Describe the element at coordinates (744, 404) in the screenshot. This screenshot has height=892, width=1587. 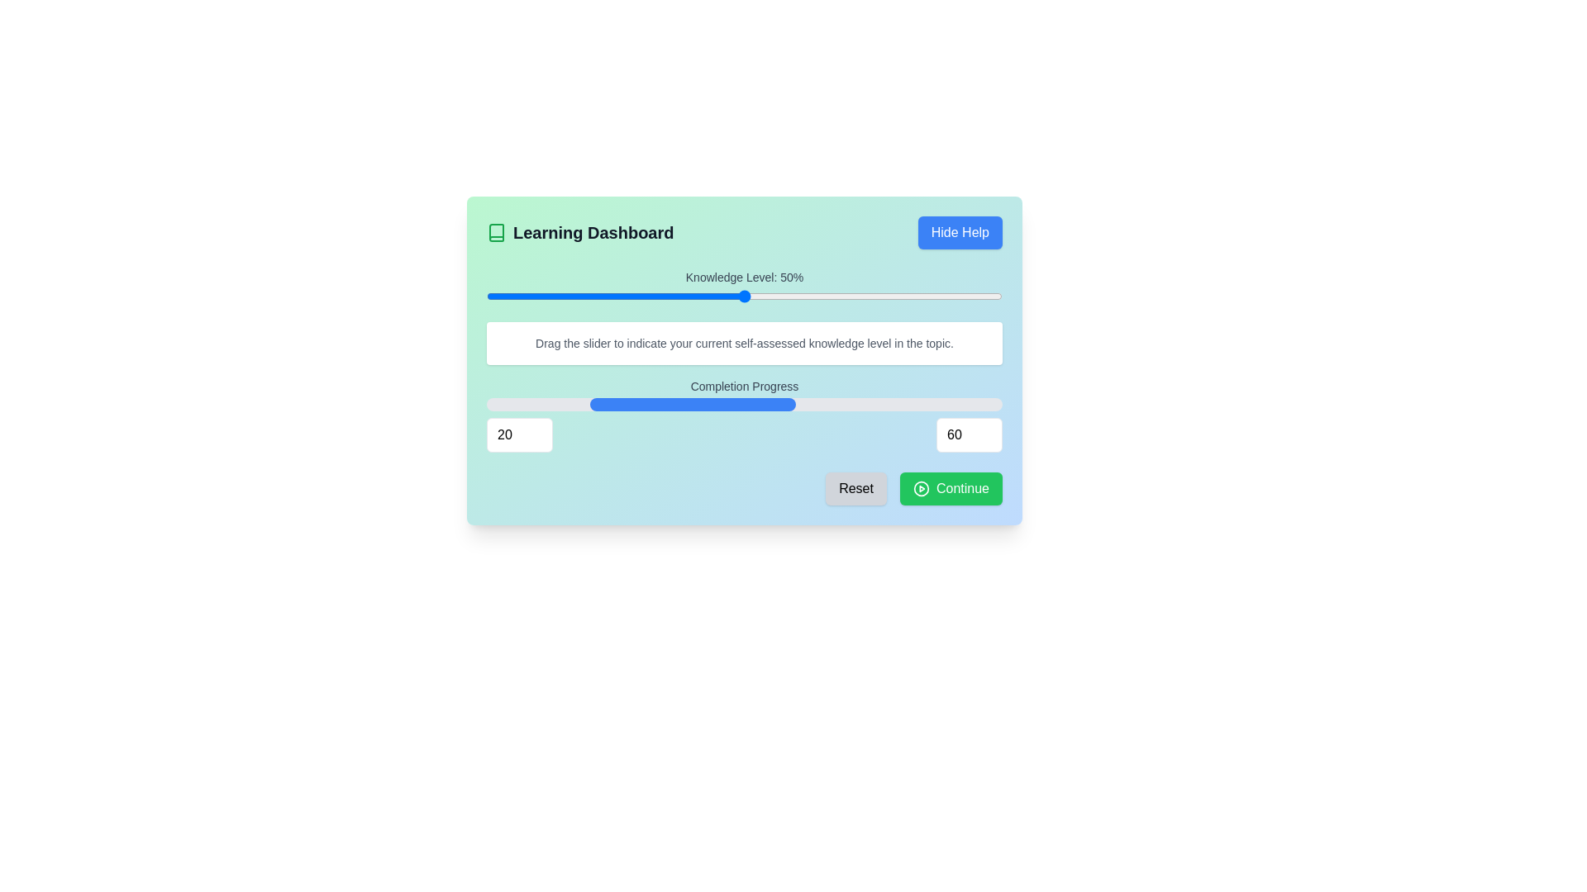
I see `the progress bar located under the 'Completion Progress' label, which is horizontally centered between the '20' and '60' input fields` at that location.